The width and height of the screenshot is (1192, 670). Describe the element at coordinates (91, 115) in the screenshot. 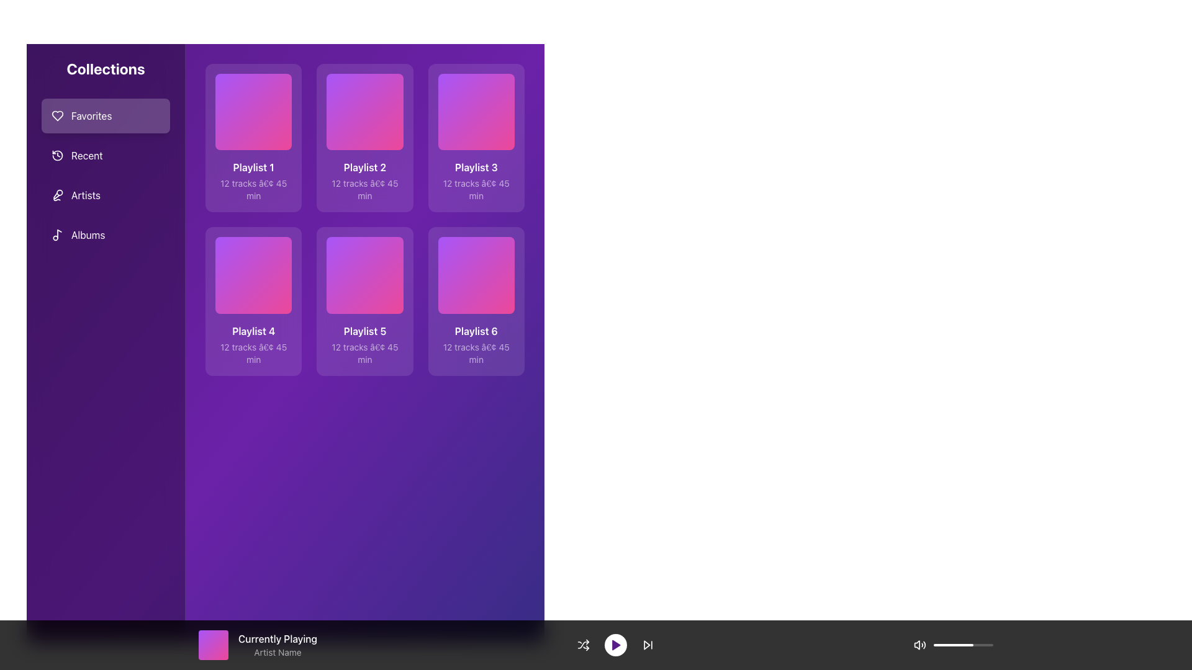

I see `the 'Favorites' text label in the sidebar menu, which serves as a navigation option for accessing favorite items or playlists` at that location.